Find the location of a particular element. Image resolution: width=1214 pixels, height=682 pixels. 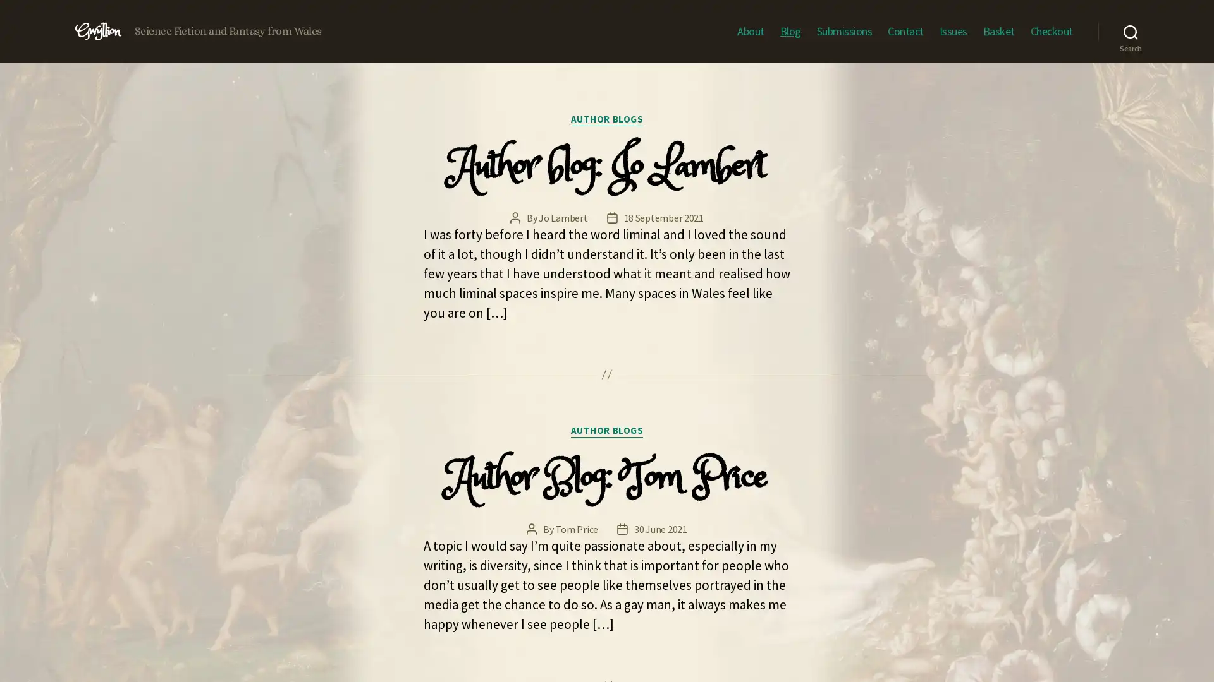

Search is located at coordinates (1131, 31).